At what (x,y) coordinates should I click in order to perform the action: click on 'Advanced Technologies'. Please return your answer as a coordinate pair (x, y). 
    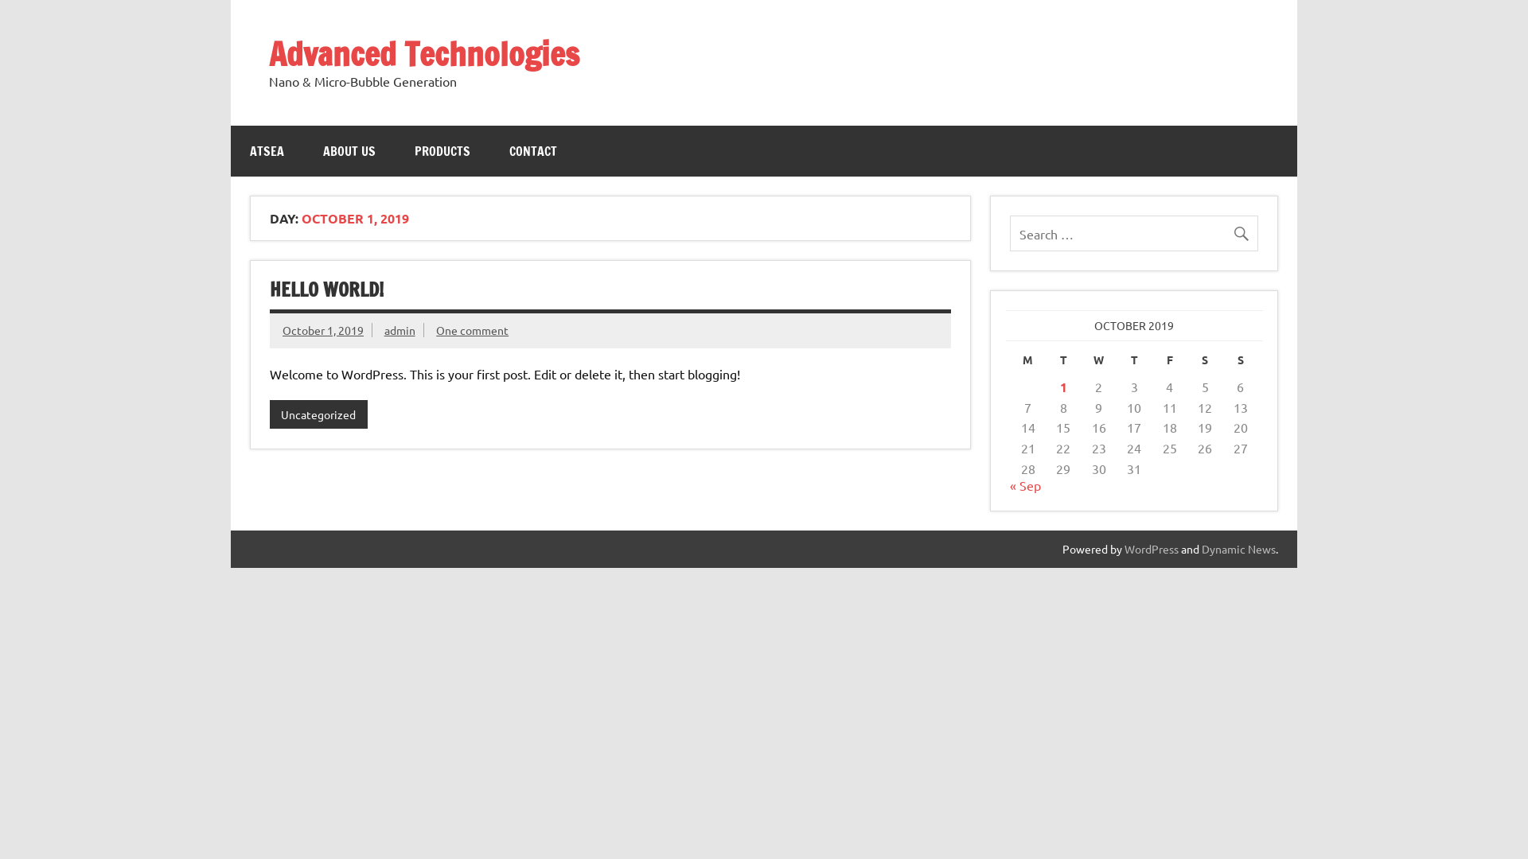
    Looking at the image, I should click on (423, 52).